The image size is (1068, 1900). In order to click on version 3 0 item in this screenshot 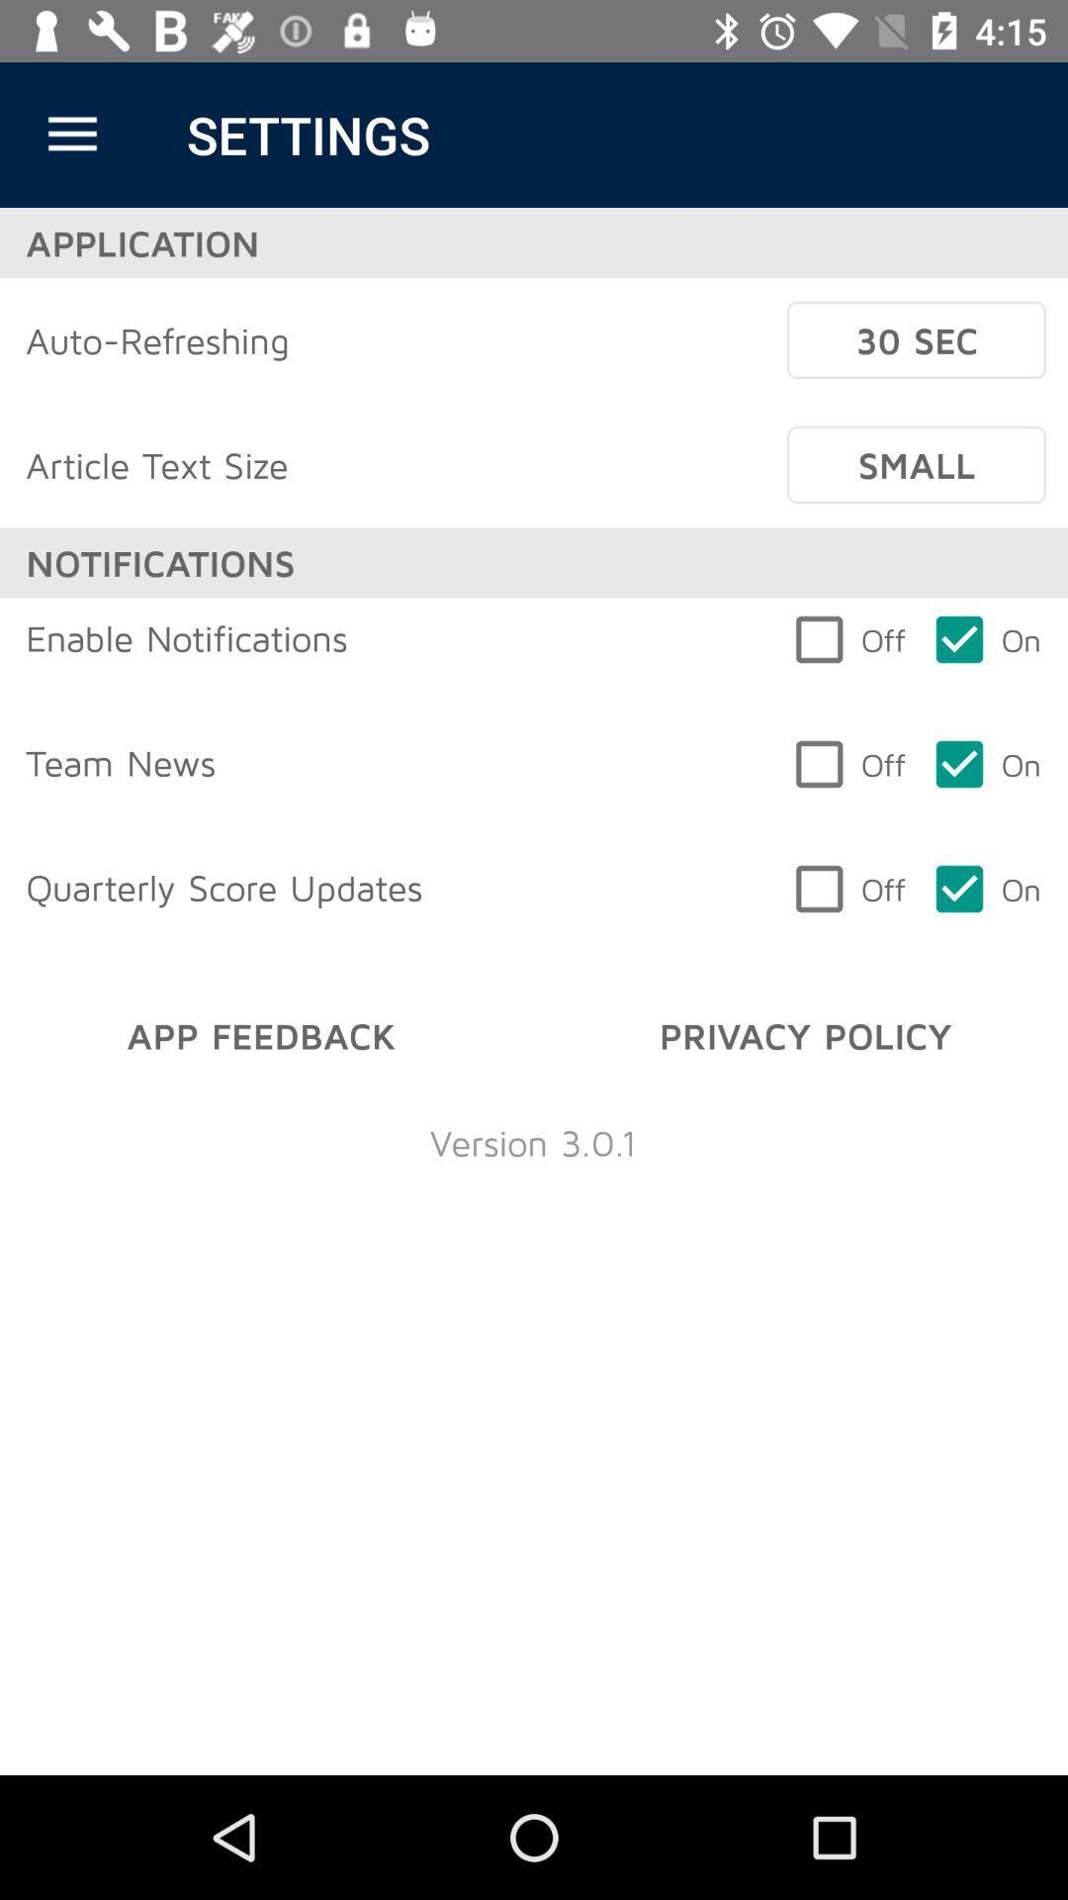, I will do `click(532, 1142)`.